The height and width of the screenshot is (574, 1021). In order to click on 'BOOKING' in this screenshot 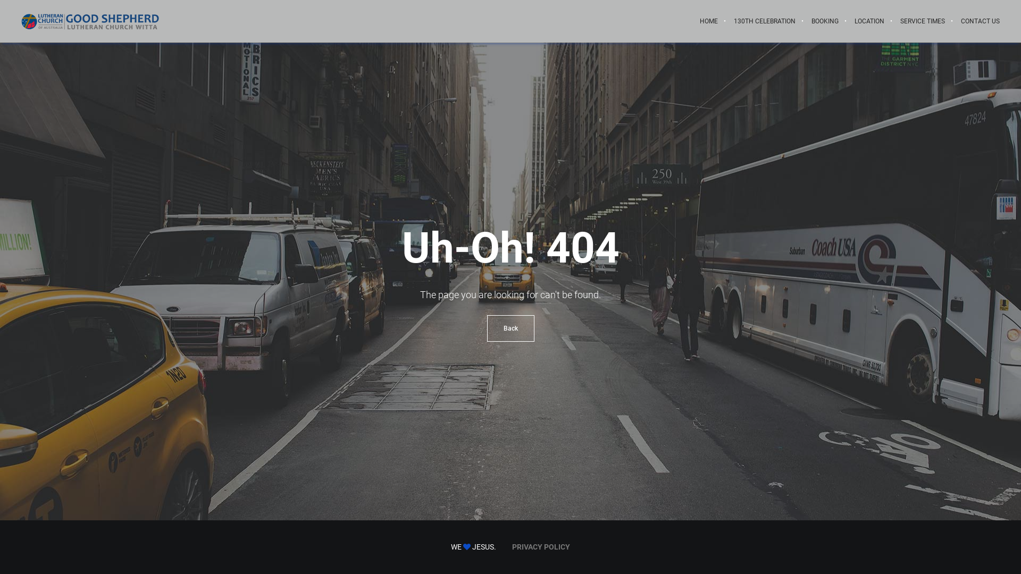, I will do `click(824, 21)`.